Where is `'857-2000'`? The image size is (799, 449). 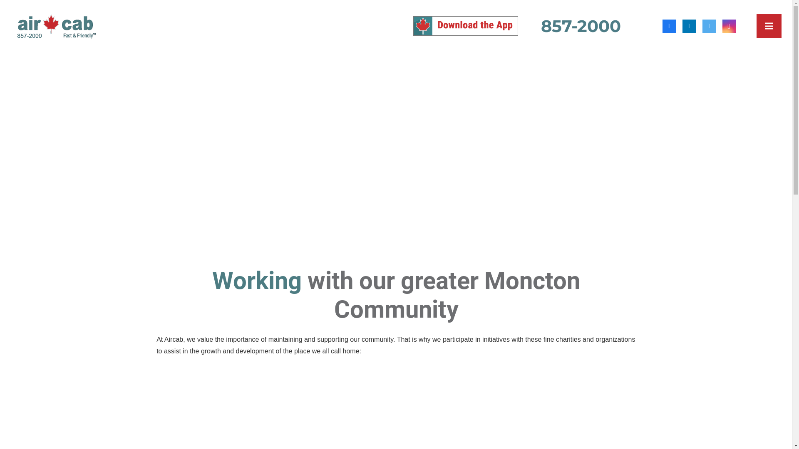
'857-2000' is located at coordinates (541, 25).